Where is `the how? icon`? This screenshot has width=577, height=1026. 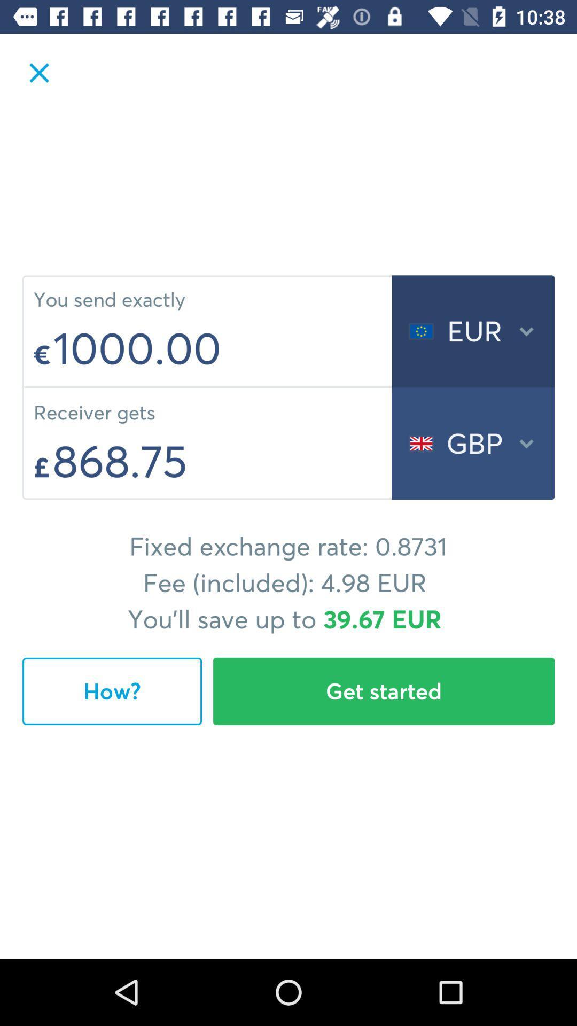
the how? icon is located at coordinates (112, 691).